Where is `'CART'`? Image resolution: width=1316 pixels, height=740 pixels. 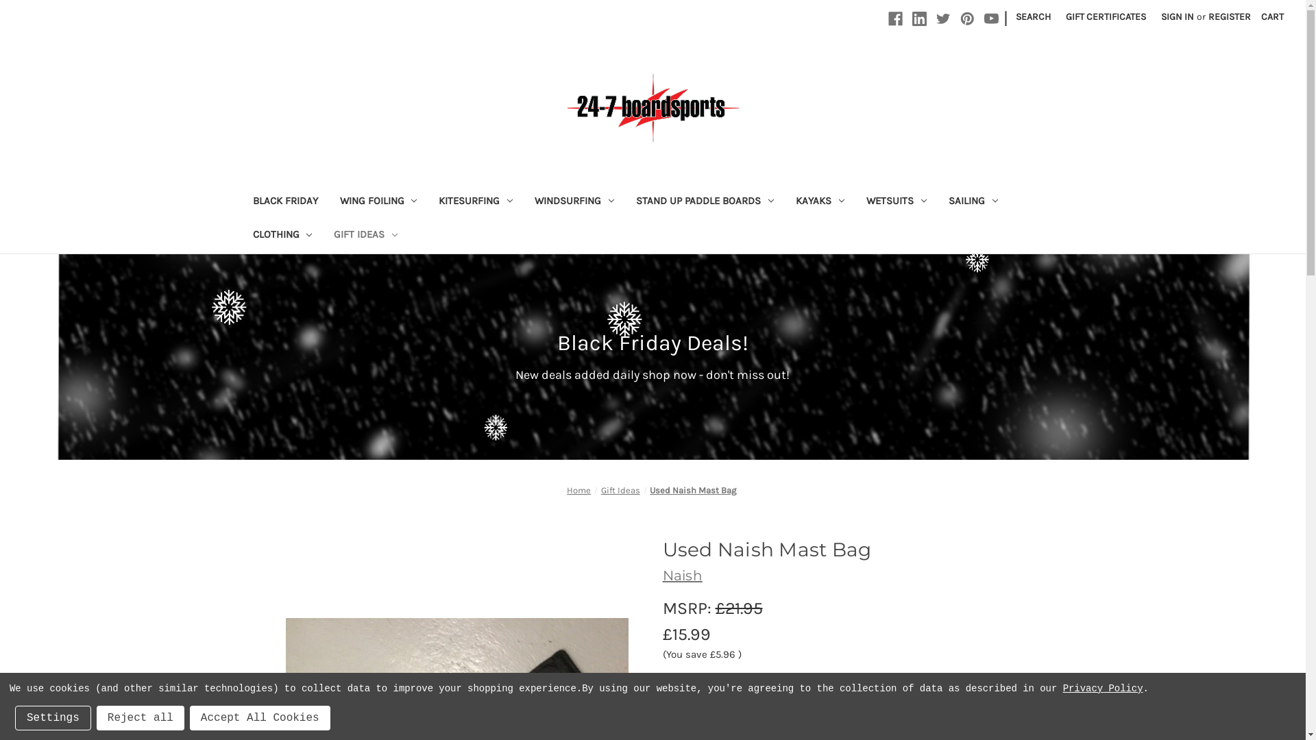 'CART' is located at coordinates (1271, 16).